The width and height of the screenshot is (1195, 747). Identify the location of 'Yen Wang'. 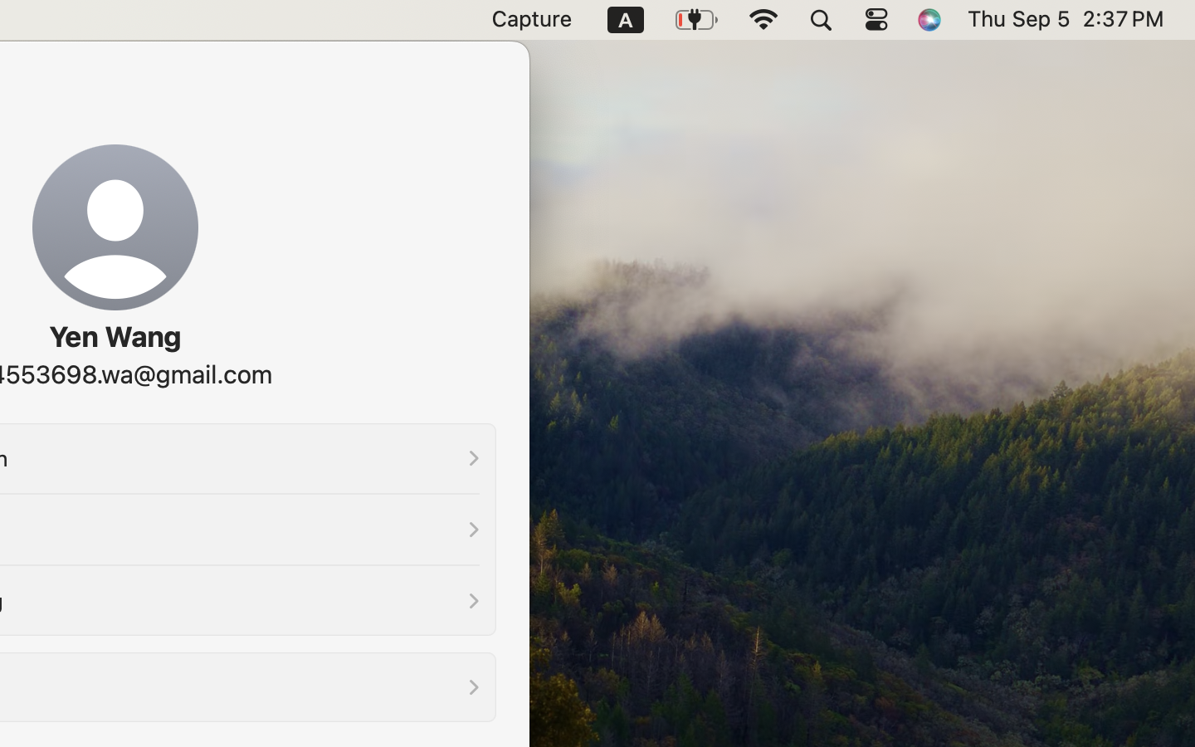
(113, 336).